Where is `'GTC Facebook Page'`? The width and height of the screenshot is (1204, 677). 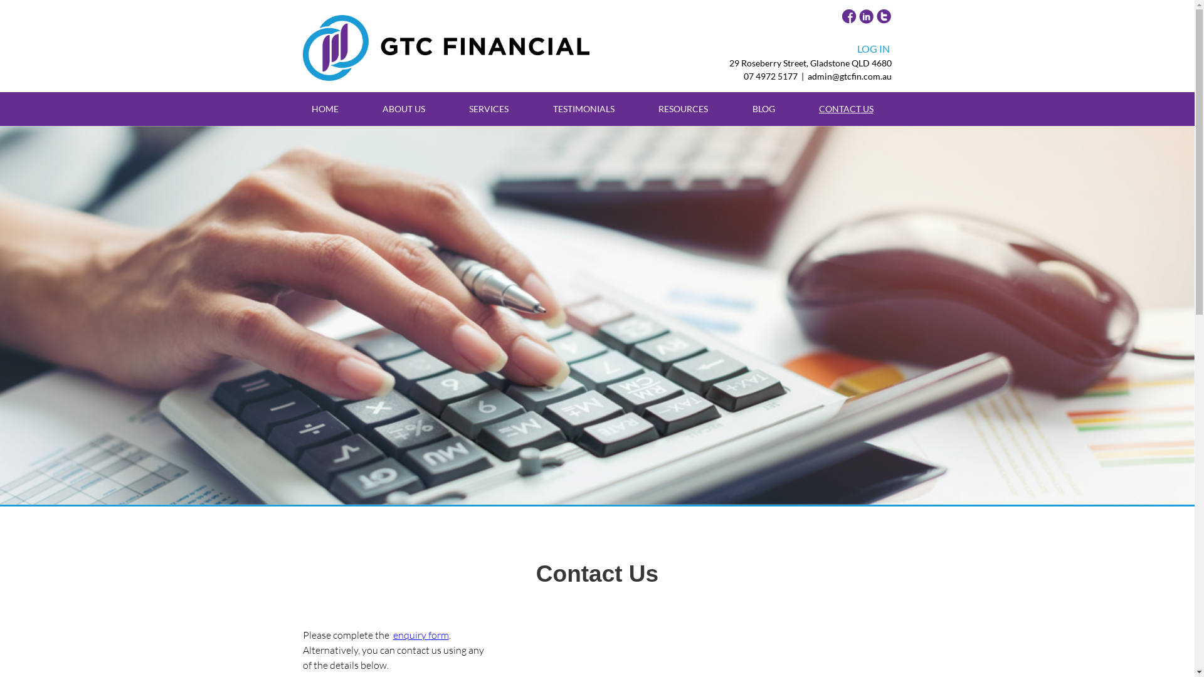
'GTC Facebook Page' is located at coordinates (848, 17).